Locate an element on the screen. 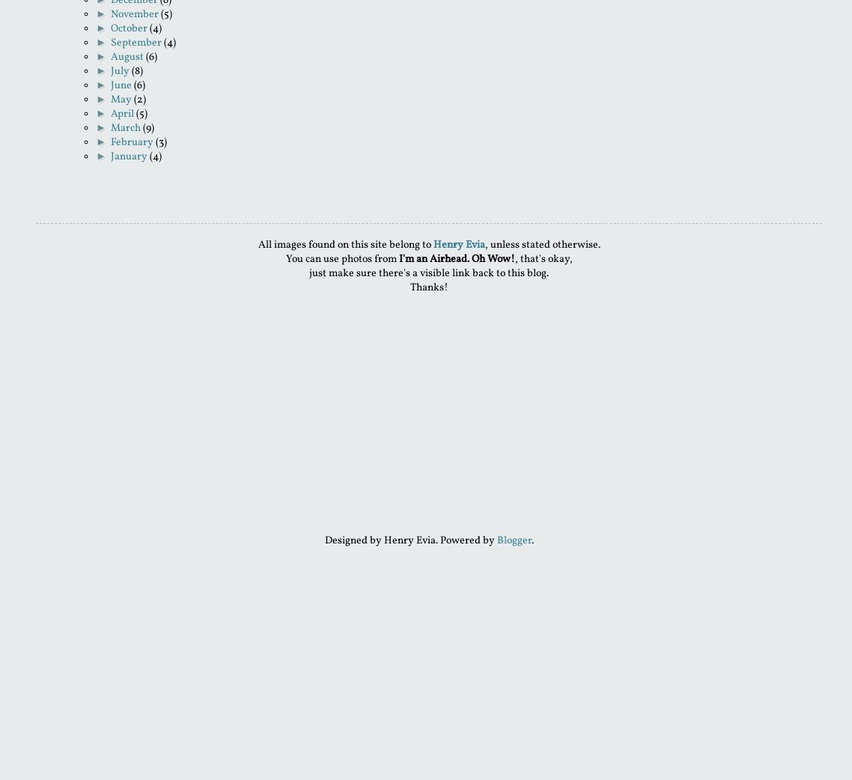  'October' is located at coordinates (110, 28).